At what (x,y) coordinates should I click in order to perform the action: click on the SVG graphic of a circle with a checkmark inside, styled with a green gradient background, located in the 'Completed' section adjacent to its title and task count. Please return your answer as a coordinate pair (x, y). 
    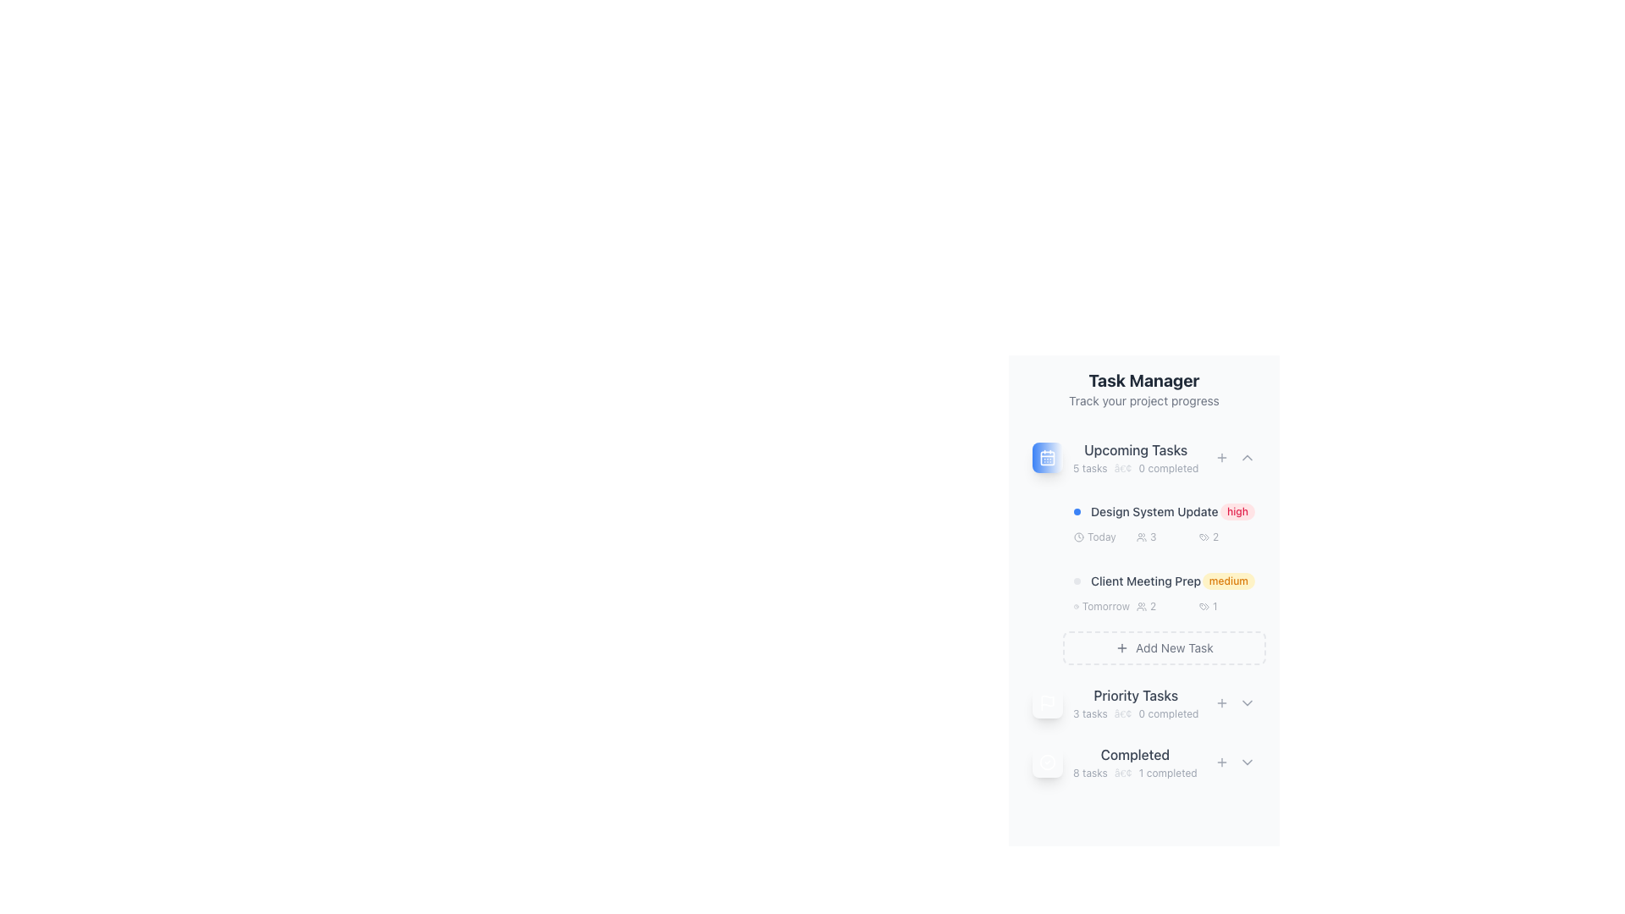
    Looking at the image, I should click on (1047, 763).